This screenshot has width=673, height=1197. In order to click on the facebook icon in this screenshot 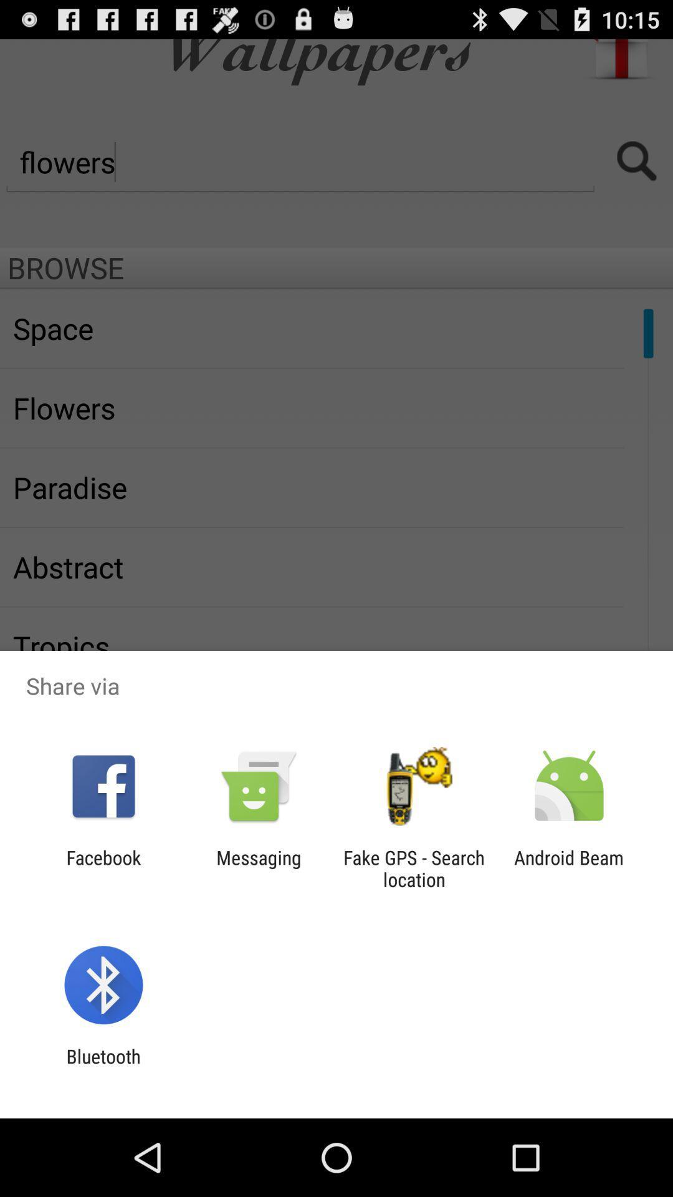, I will do `click(103, 868)`.